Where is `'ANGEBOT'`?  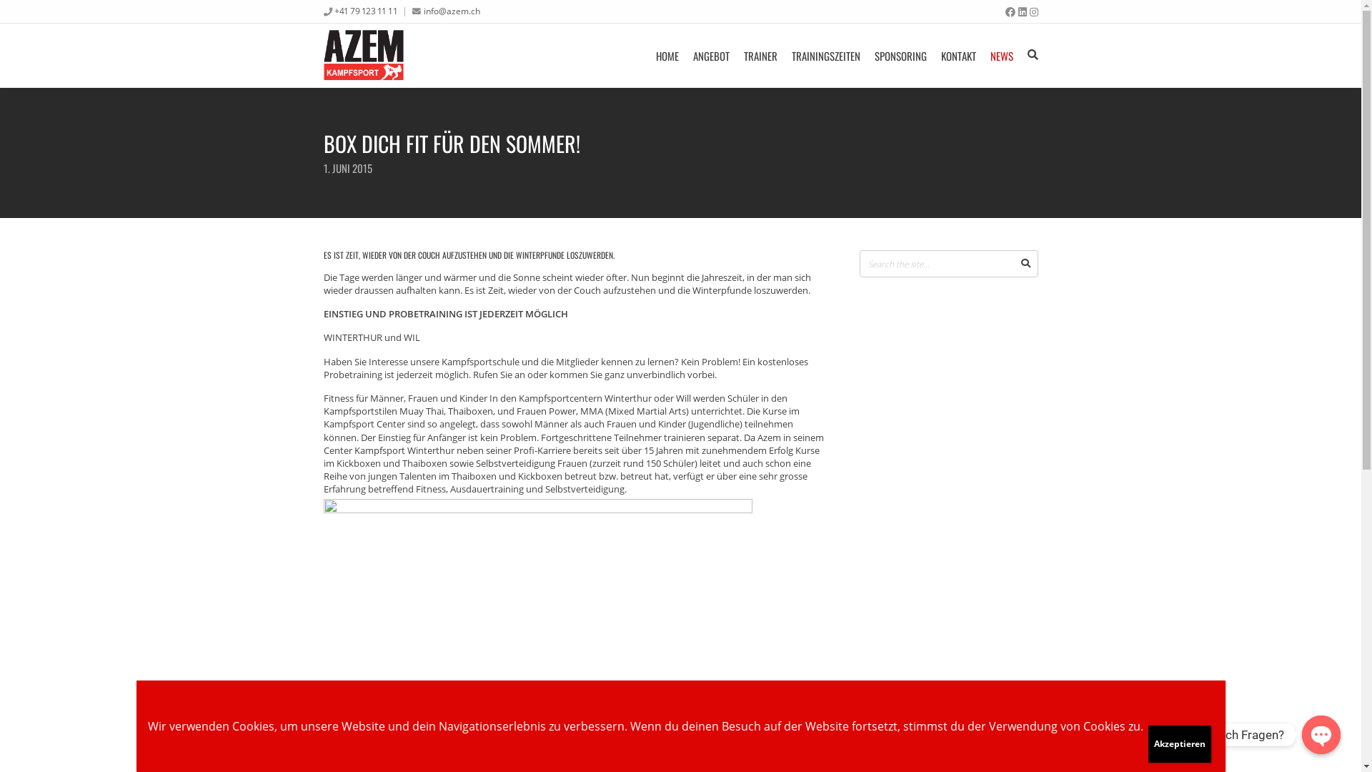 'ANGEBOT' is located at coordinates (686, 54).